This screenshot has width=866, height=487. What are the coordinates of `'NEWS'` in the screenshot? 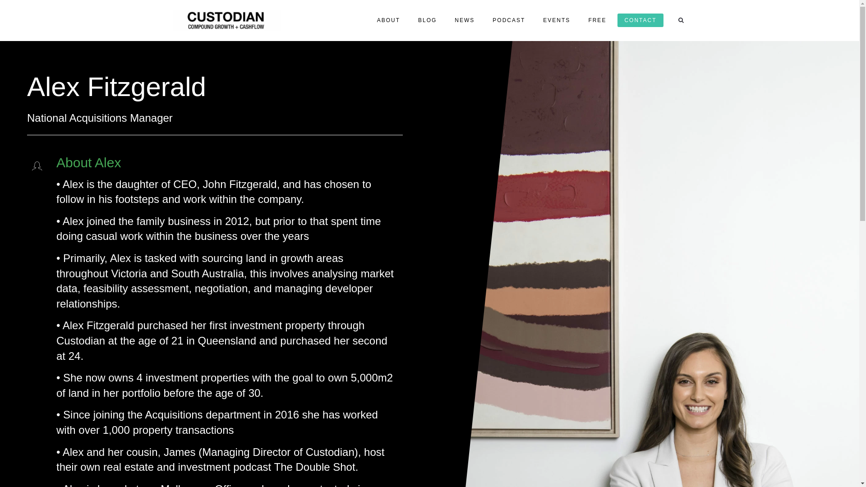 It's located at (465, 20).